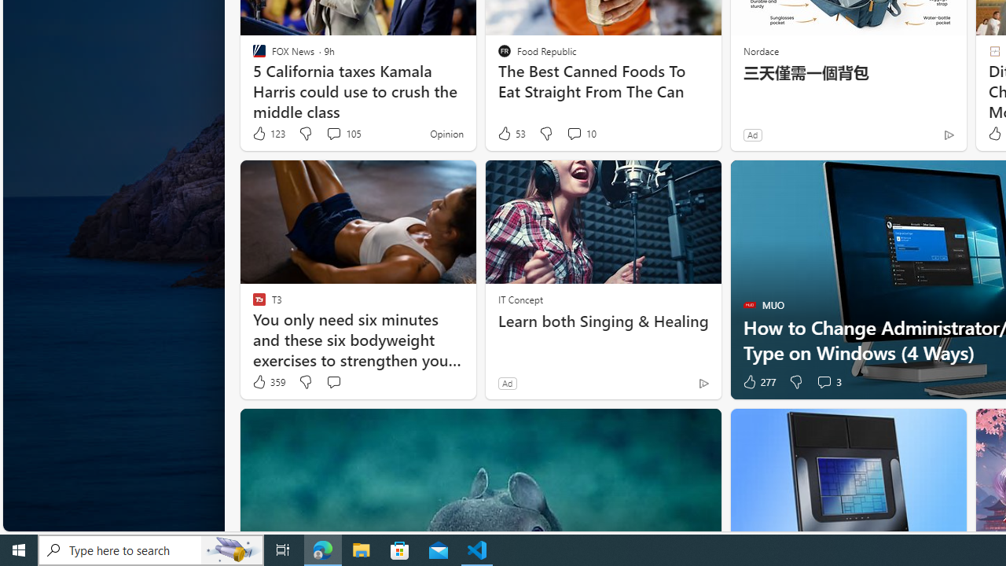  I want to click on '277 Like', so click(758, 382).